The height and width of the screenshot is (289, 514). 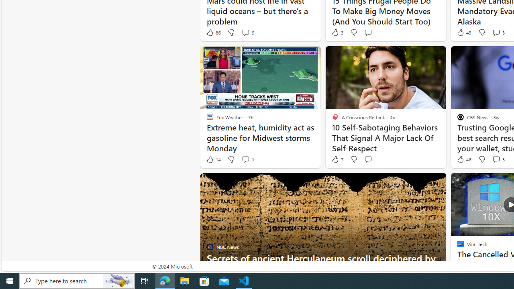 What do you see at coordinates (463, 32) in the screenshot?
I see `'43 Like'` at bounding box center [463, 32].